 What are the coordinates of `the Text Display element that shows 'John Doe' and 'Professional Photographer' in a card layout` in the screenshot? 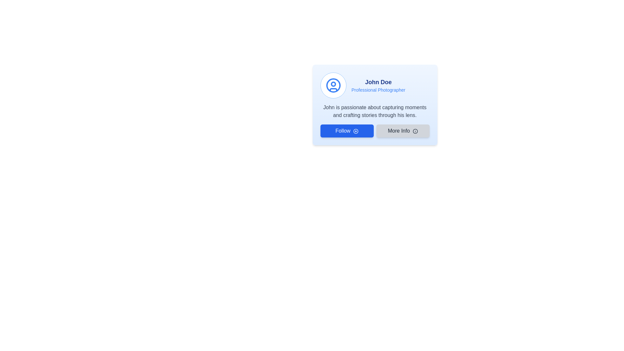 It's located at (378, 85).